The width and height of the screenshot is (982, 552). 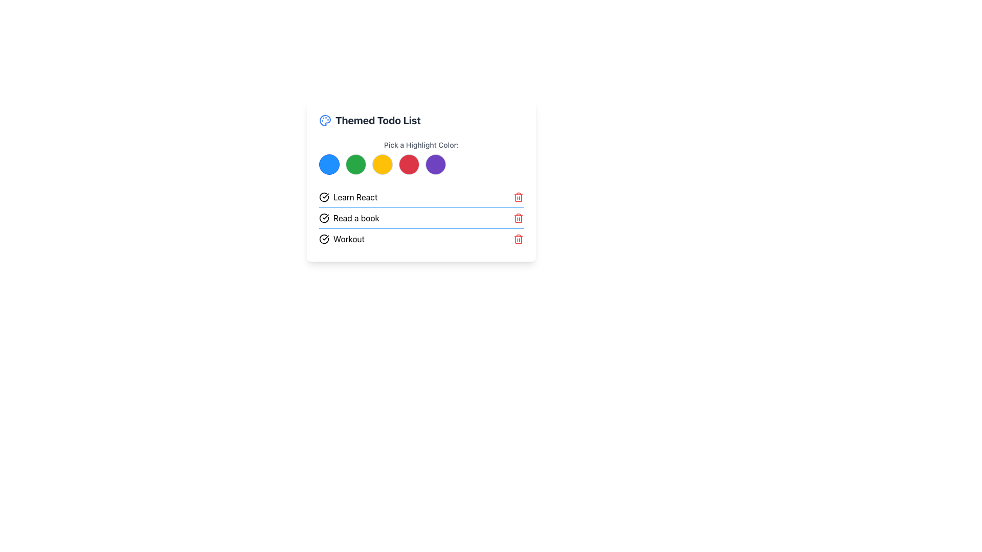 What do you see at coordinates (323, 197) in the screenshot?
I see `the completion status indicated by the icon located in the first row of the 'Themed Todo List' section, to the left of the text 'Learn React'` at bounding box center [323, 197].